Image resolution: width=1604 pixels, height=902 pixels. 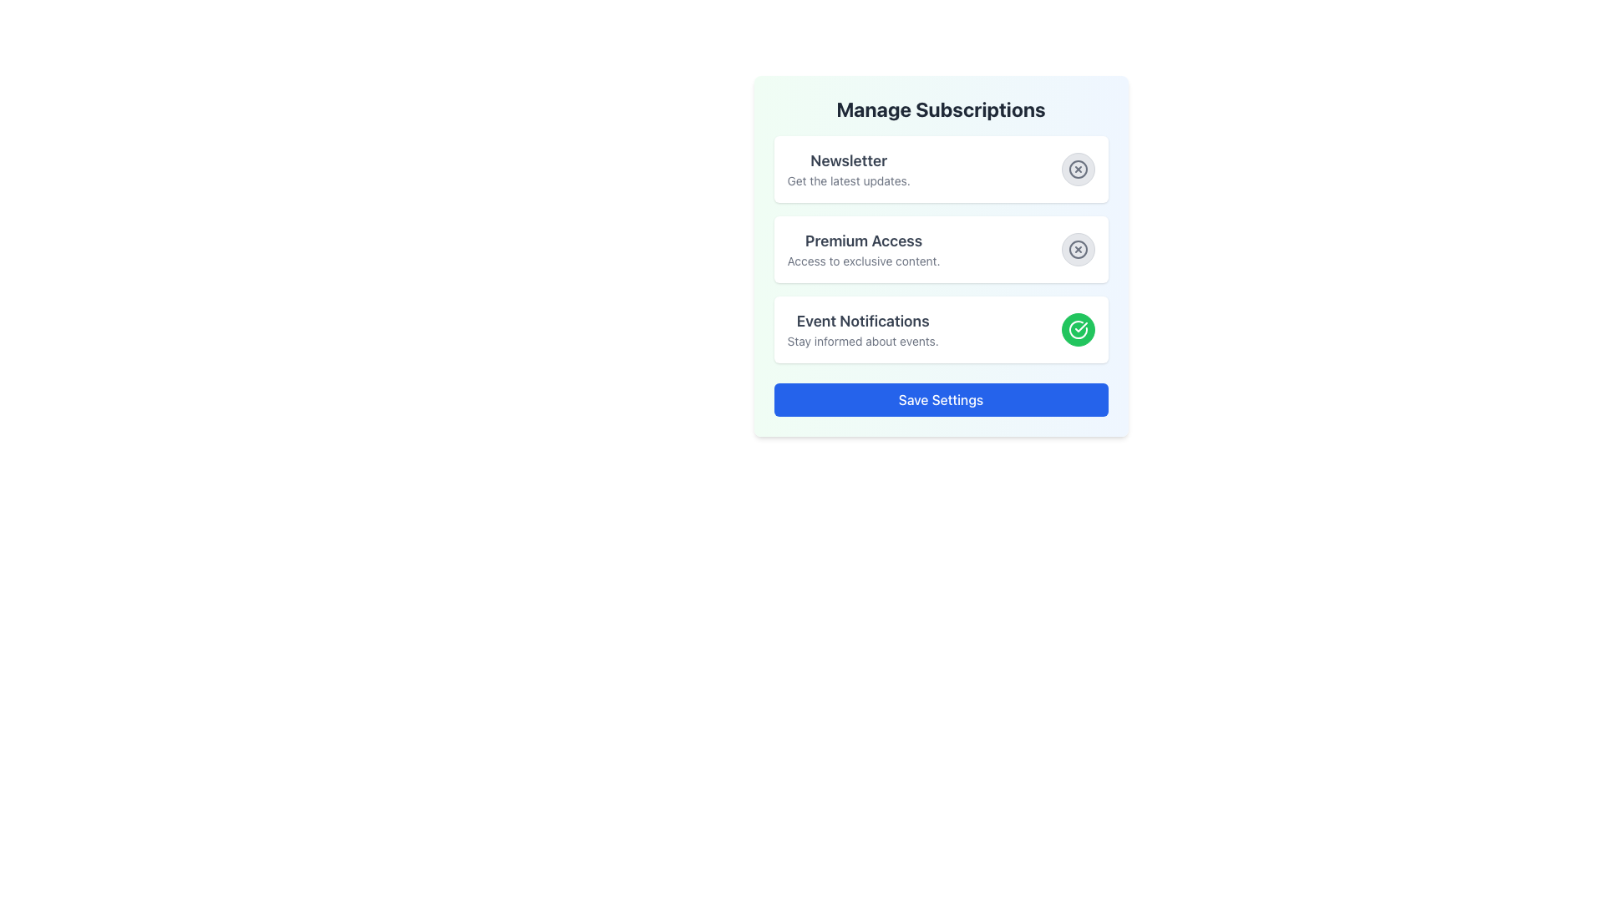 What do you see at coordinates (1078, 170) in the screenshot?
I see `the Circle graphic within the SVG that indicates the status of the newsletter subscription, located at the topmost entry of the subscription options` at bounding box center [1078, 170].